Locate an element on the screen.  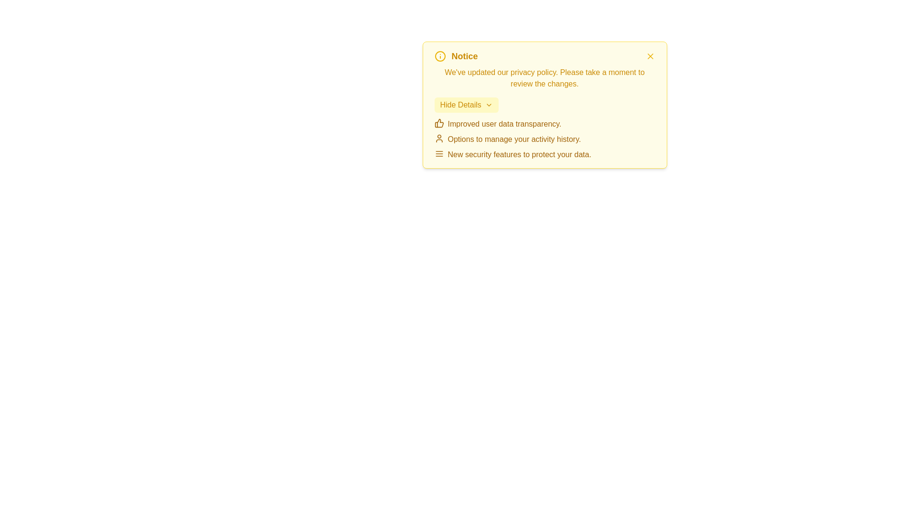
the button used to hide or collapse the details section of the notification box, which is located below the privacy policy update text and above the bullet-pointed list is located at coordinates (466, 105).